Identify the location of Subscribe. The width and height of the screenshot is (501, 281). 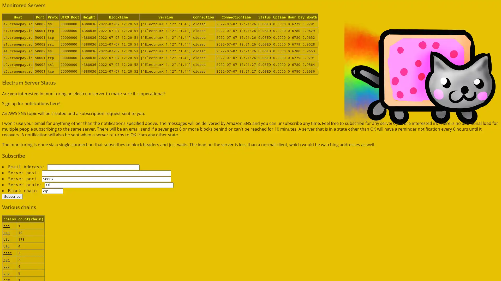
(12, 196).